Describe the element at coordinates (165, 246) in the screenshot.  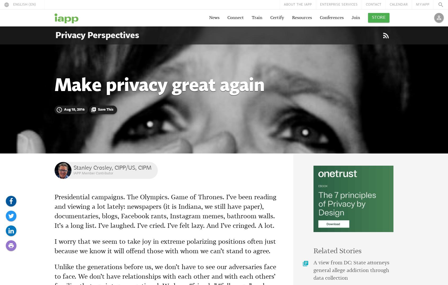
I see `'I worry that we seem to take joy in extreme polarizing positions often just because we know it will offend those with whom we can’t stand to agree.'` at that location.